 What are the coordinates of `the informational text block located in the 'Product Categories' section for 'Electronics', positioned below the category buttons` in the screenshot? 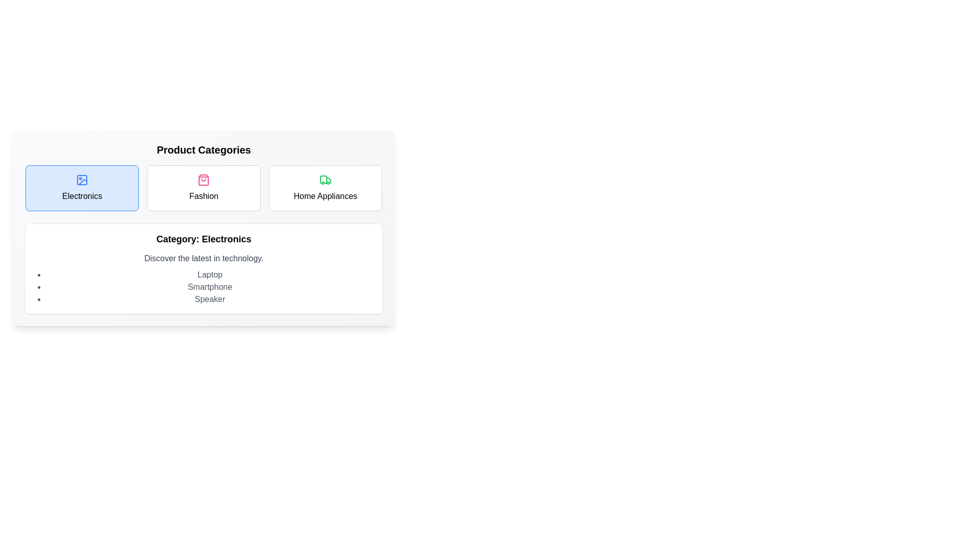 It's located at (204, 268).